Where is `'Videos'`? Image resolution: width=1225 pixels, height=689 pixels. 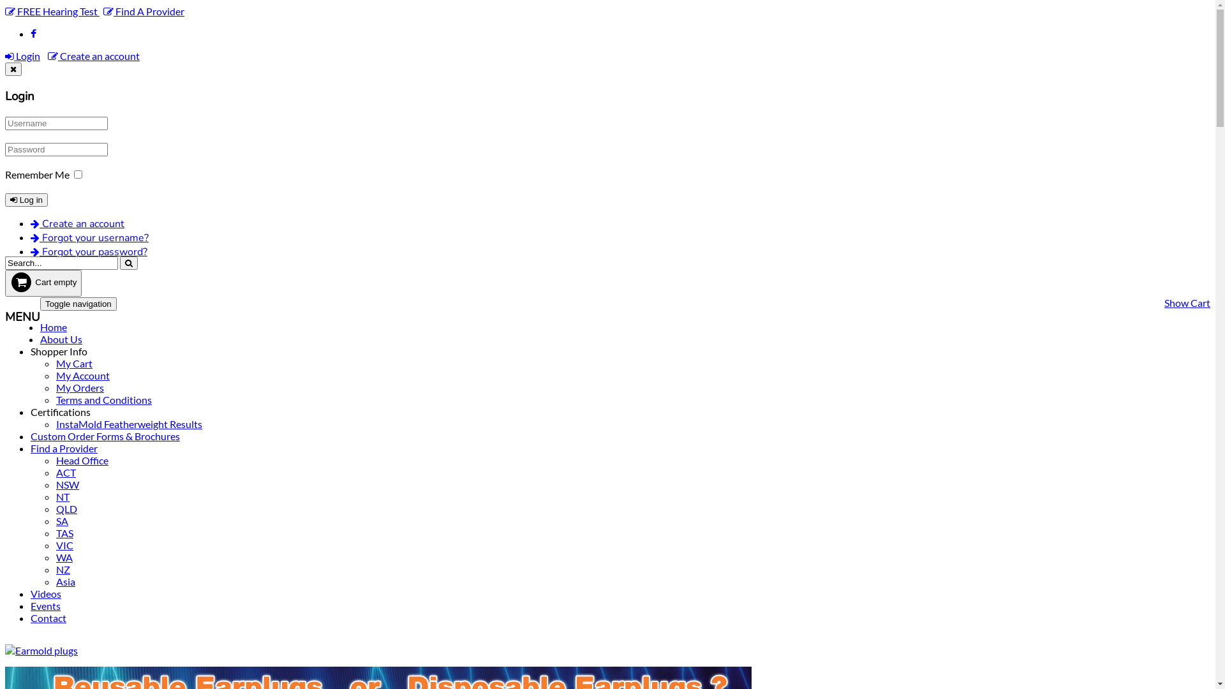
'Videos' is located at coordinates (46, 593).